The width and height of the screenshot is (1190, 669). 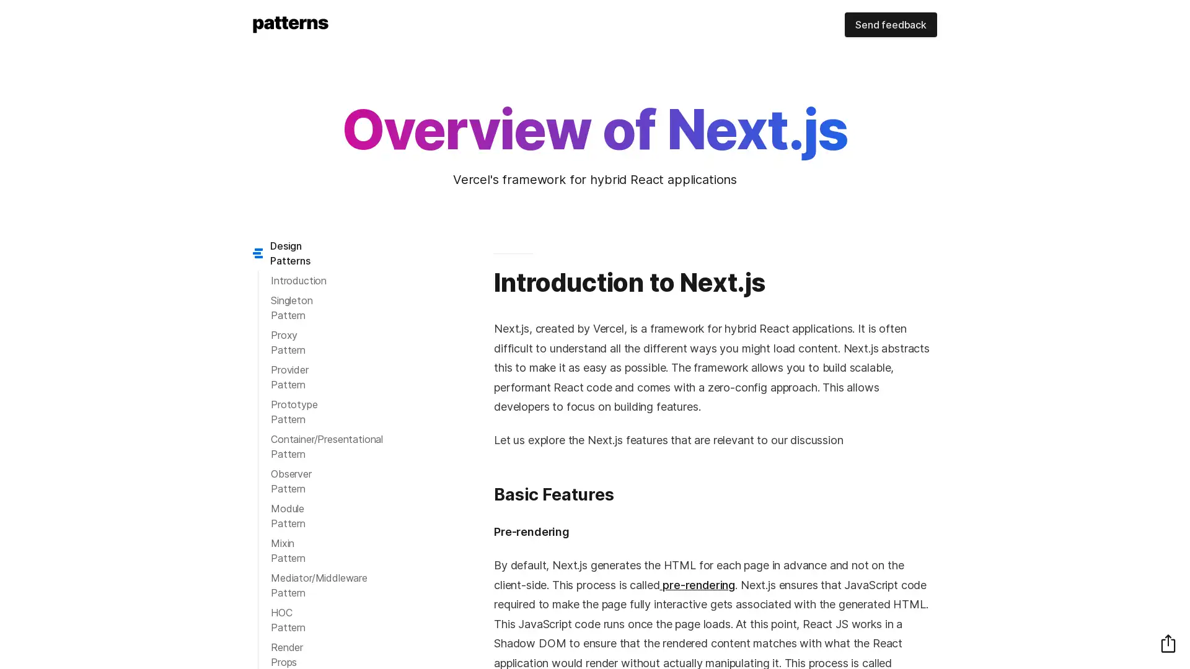 I want to click on Share, so click(x=1168, y=642).